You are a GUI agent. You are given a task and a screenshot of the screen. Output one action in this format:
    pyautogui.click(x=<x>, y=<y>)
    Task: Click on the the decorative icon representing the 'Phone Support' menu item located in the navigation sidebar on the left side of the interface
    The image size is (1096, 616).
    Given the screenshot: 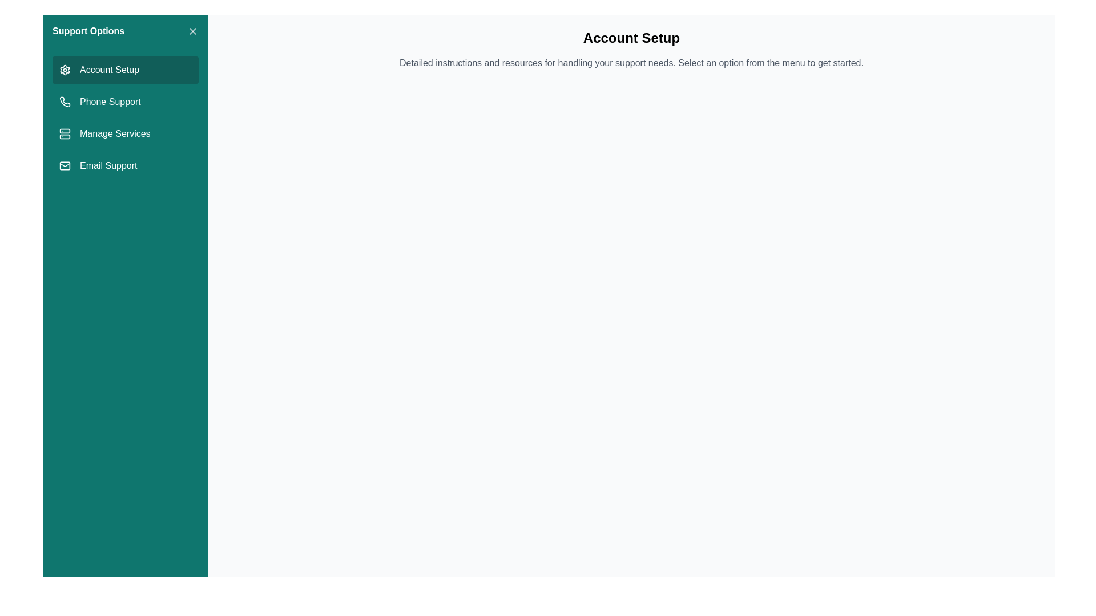 What is the action you would take?
    pyautogui.click(x=65, y=101)
    